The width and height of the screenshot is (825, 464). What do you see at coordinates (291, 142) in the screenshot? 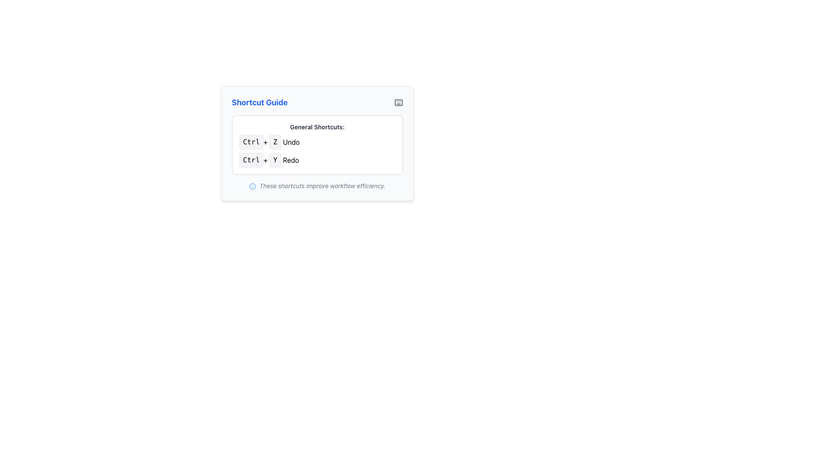
I see `the label displaying the text 'Undo', which is located to the right of the Ctrl and Z shortcut keys under the title 'General Shortcuts:'` at bounding box center [291, 142].